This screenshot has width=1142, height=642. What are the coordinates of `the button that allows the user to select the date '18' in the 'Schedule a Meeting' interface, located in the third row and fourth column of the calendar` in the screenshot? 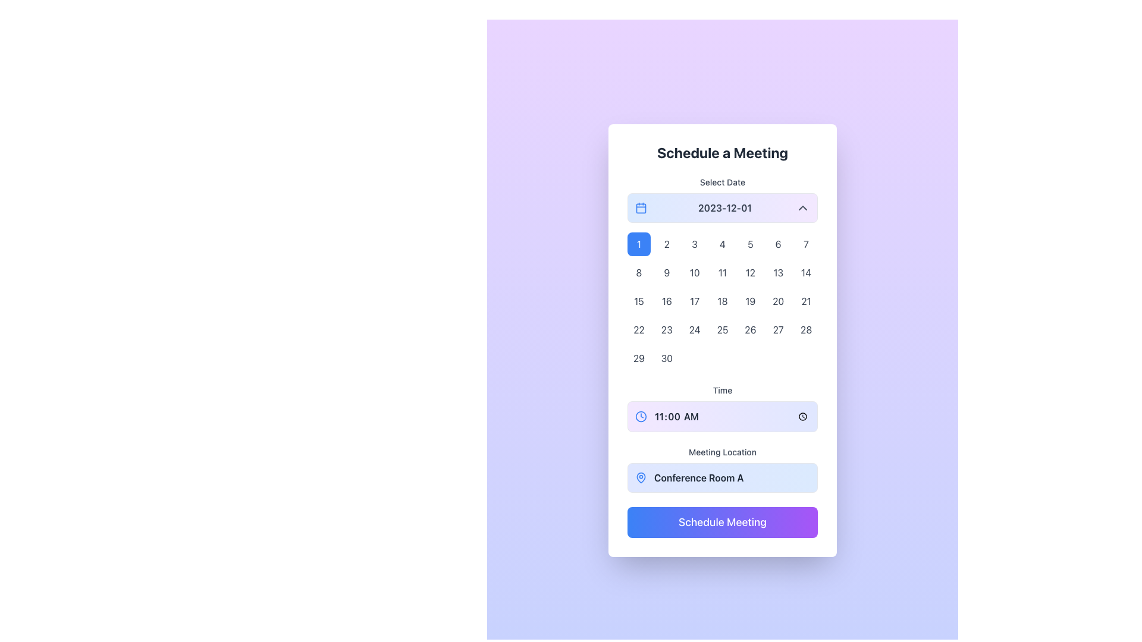 It's located at (721, 300).